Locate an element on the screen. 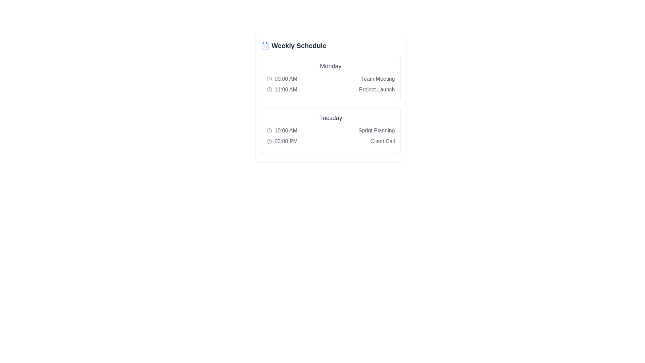  the calendar icon to interact with it is located at coordinates (264, 45).